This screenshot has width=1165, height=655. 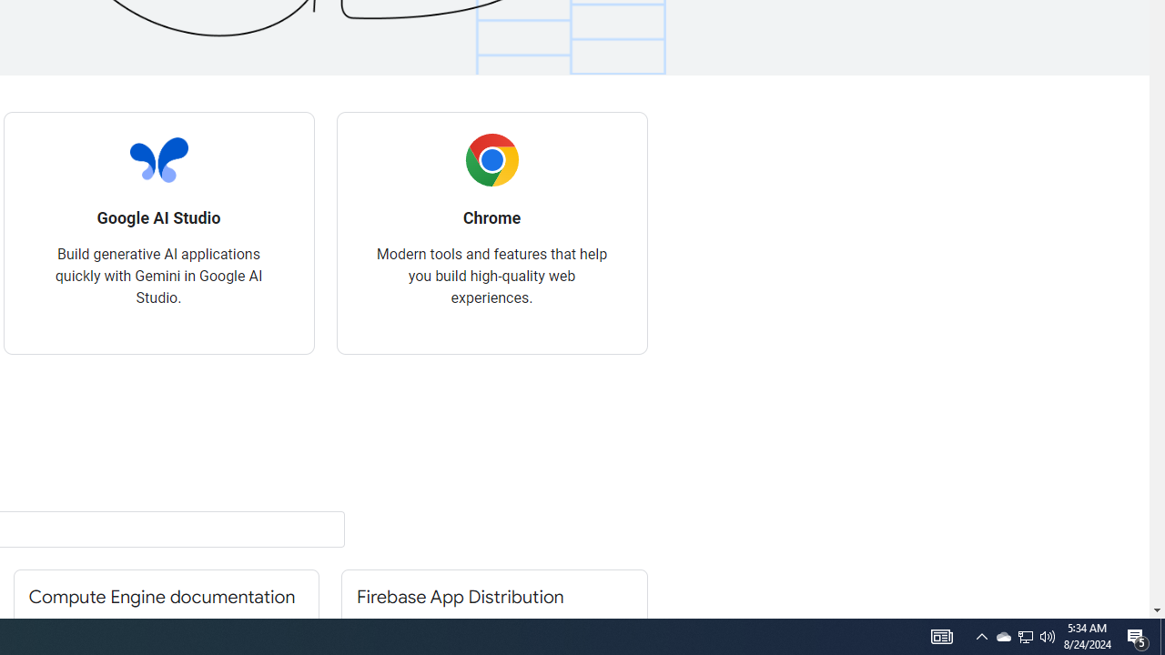 What do you see at coordinates (491, 159) in the screenshot?
I see `'ChromeOS logo'` at bounding box center [491, 159].